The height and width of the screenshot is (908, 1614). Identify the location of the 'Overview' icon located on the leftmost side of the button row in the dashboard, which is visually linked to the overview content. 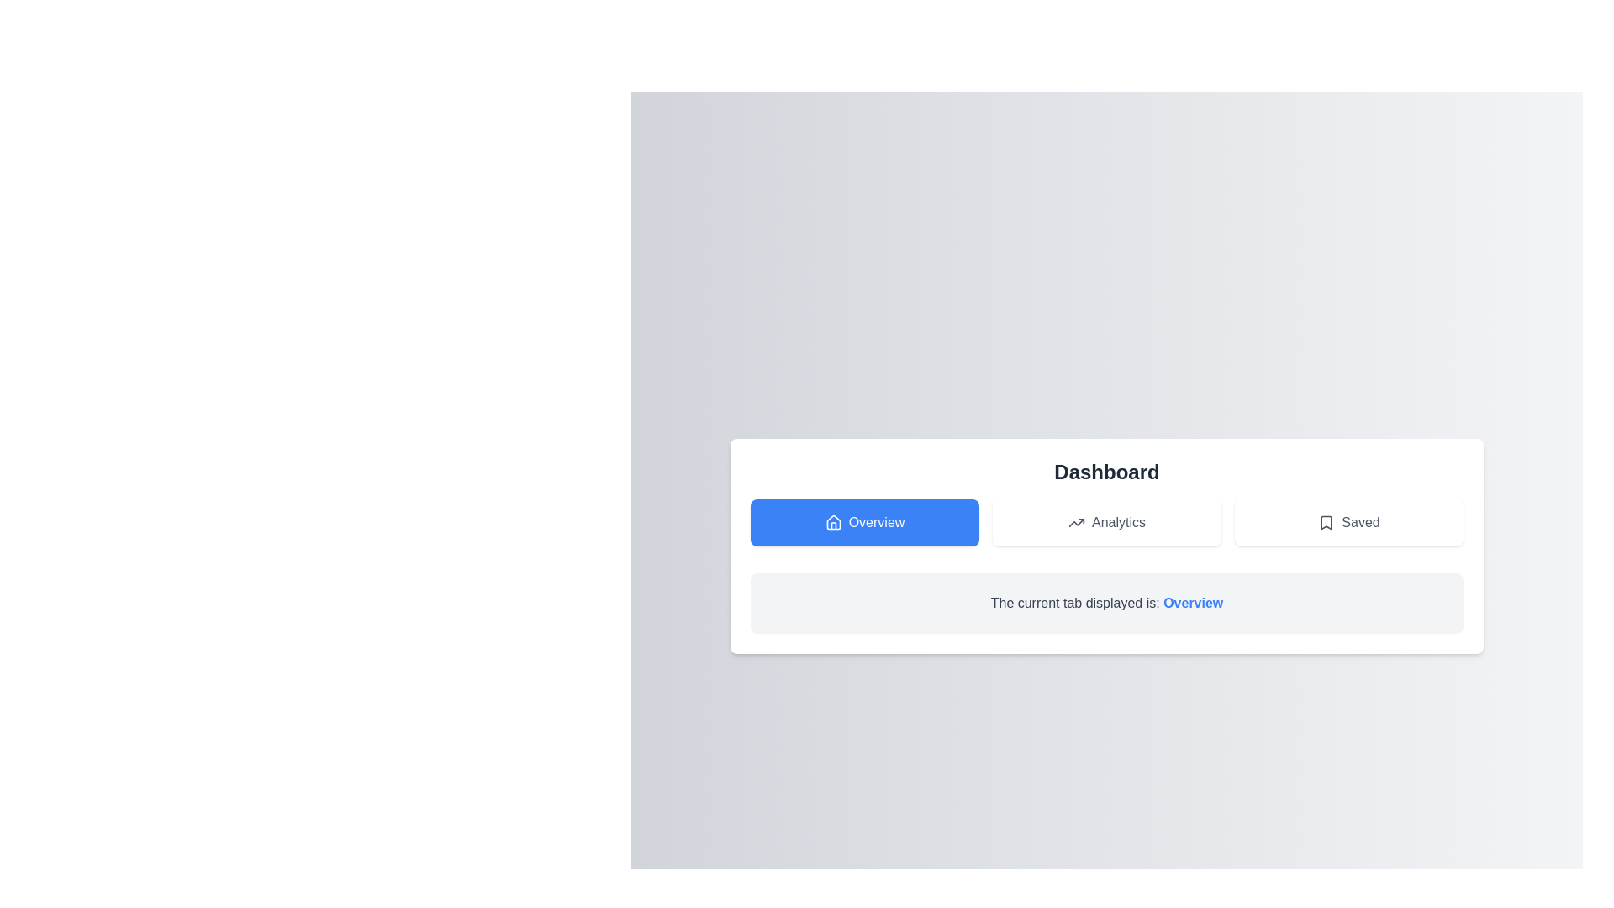
(833, 521).